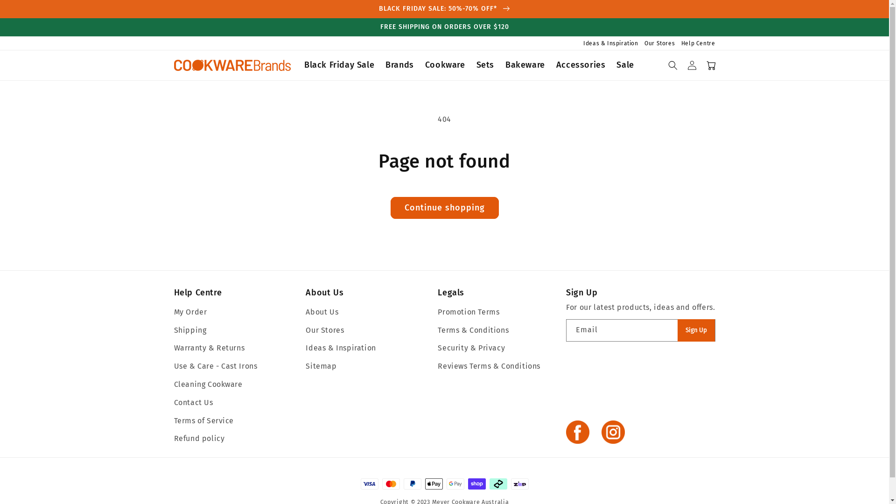  I want to click on 'Our Stores', so click(658, 43).